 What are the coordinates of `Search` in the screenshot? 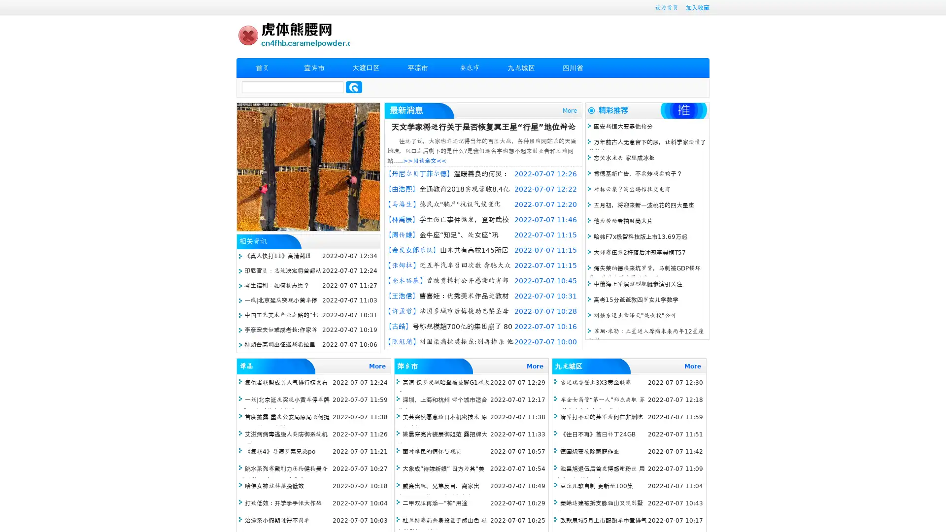 It's located at (354, 87).